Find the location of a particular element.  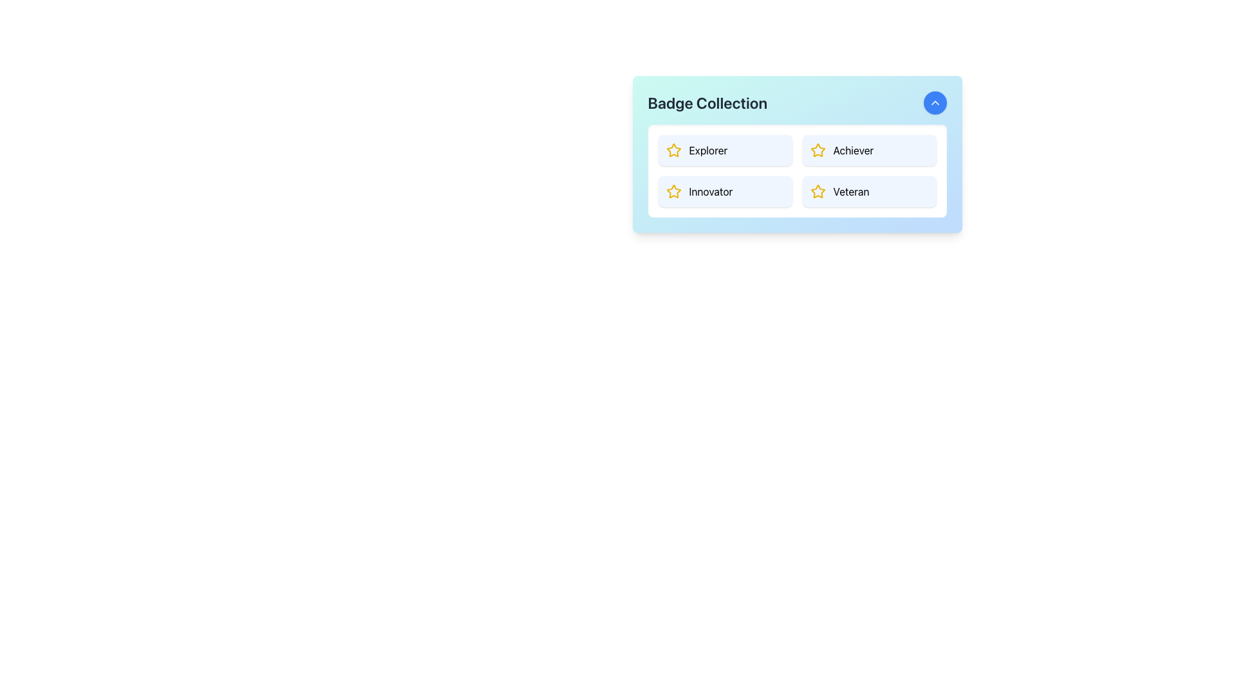

the 'Veteran' badge in the Badge Collection section is located at coordinates (869, 191).